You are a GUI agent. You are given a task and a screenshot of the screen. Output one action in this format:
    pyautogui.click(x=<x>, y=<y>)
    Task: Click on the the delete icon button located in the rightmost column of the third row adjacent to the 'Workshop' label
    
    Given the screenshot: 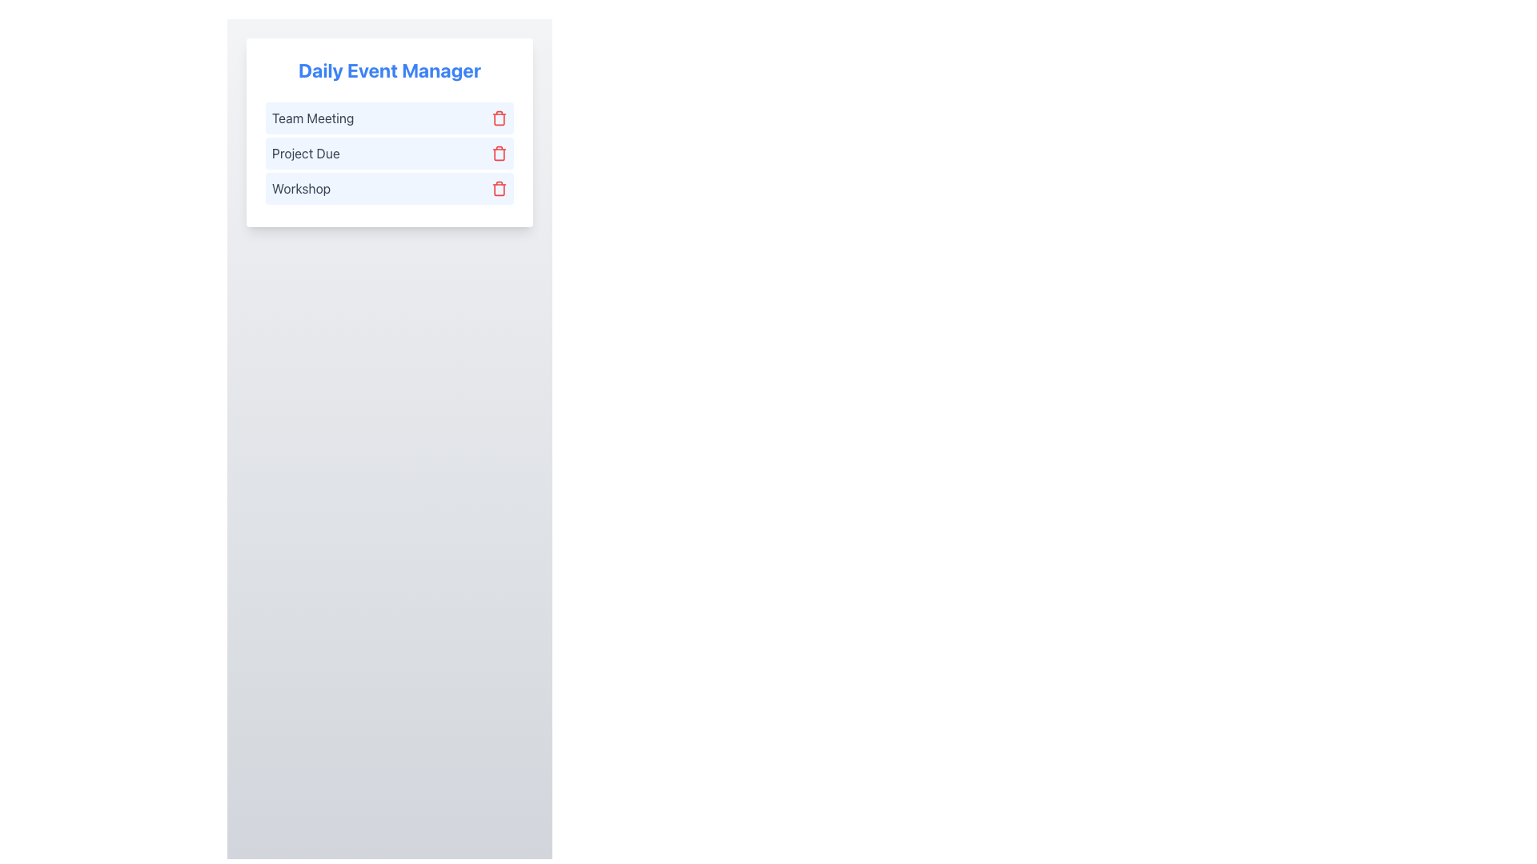 What is the action you would take?
    pyautogui.click(x=499, y=188)
    